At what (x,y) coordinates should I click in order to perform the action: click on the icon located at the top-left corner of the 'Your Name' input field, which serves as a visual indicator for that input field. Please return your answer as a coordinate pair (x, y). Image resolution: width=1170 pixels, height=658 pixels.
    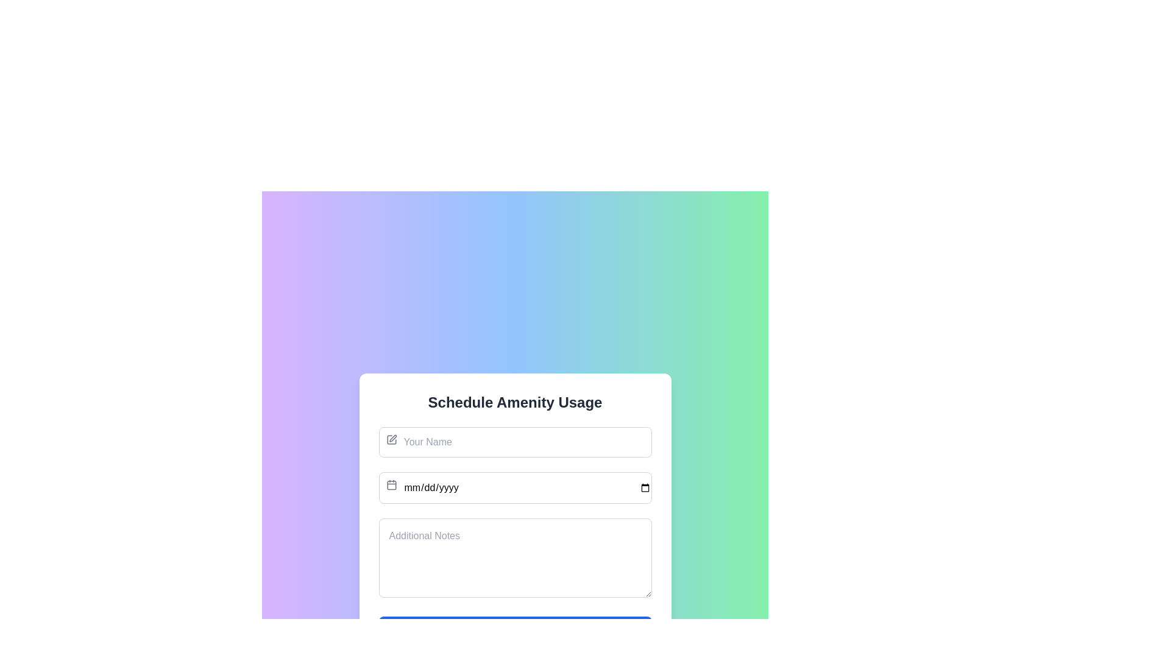
    Looking at the image, I should click on (391, 439).